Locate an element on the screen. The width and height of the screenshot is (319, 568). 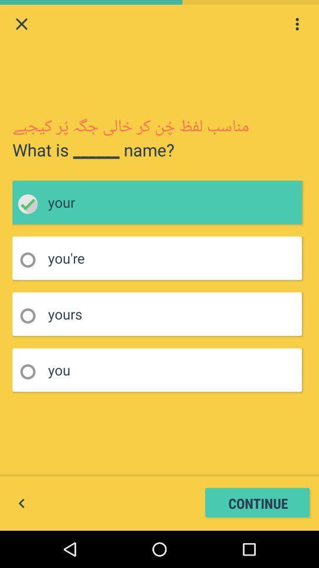
more is located at coordinates (297, 23).